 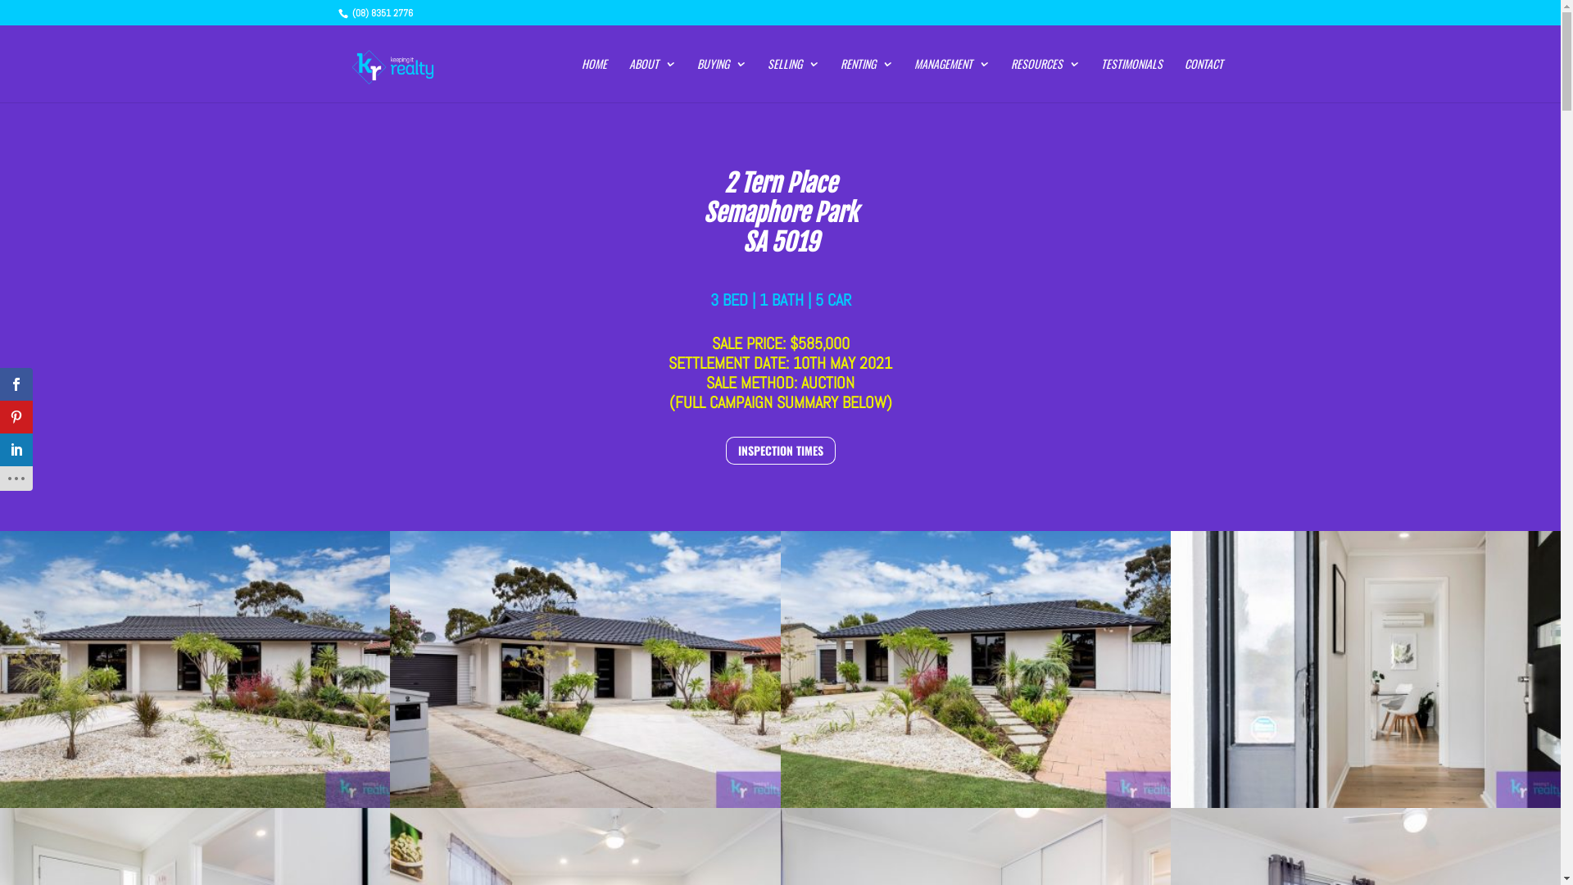 I want to click on 'RESOURCES', so click(x=1044, y=79).